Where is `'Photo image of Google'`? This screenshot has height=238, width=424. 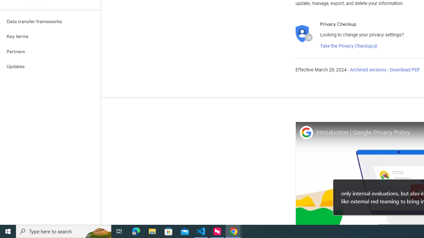 'Photo image of Google' is located at coordinates (306, 132).